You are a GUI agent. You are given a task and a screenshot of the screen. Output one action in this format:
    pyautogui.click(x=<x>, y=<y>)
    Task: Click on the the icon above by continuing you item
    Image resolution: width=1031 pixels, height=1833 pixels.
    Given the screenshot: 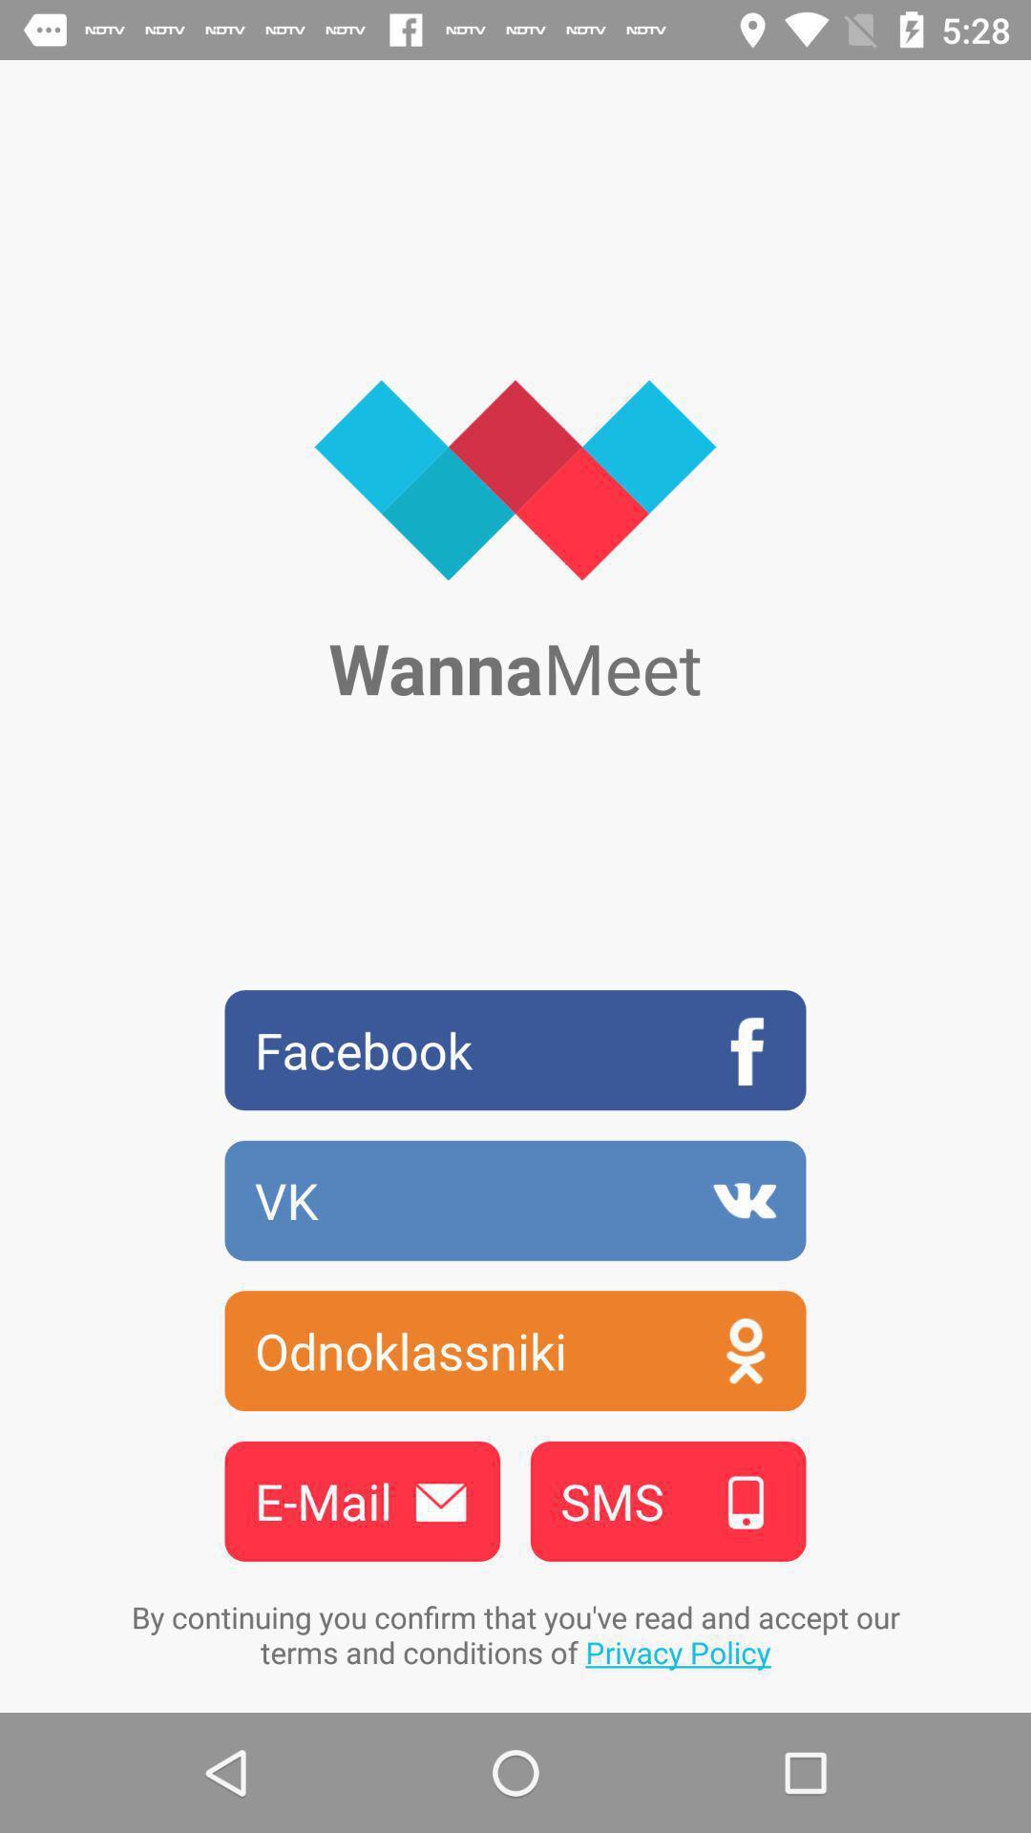 What is the action you would take?
    pyautogui.click(x=362, y=1500)
    